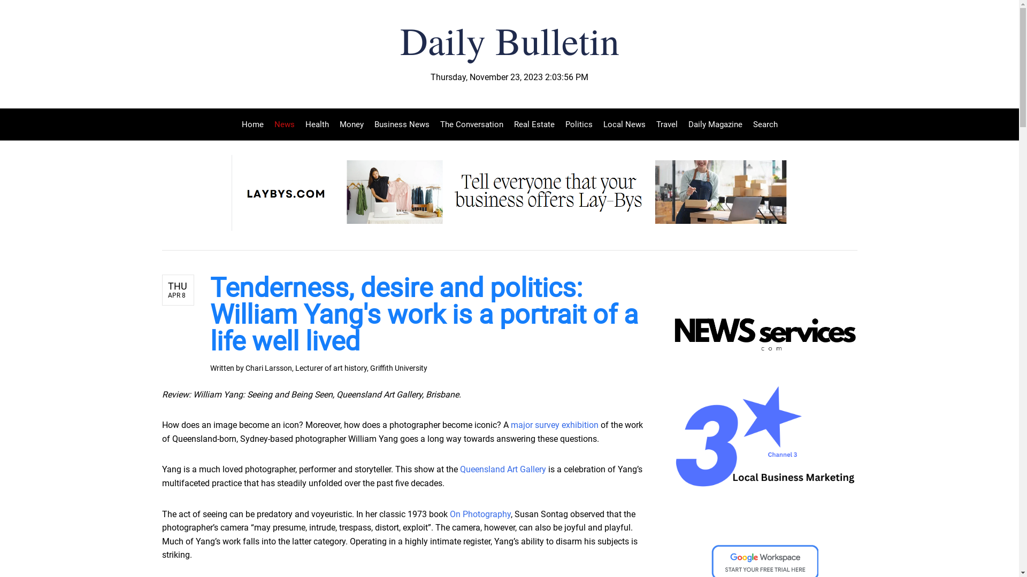 The width and height of the screenshot is (1027, 577). What do you see at coordinates (502, 469) in the screenshot?
I see `'Queensland Art Gallery'` at bounding box center [502, 469].